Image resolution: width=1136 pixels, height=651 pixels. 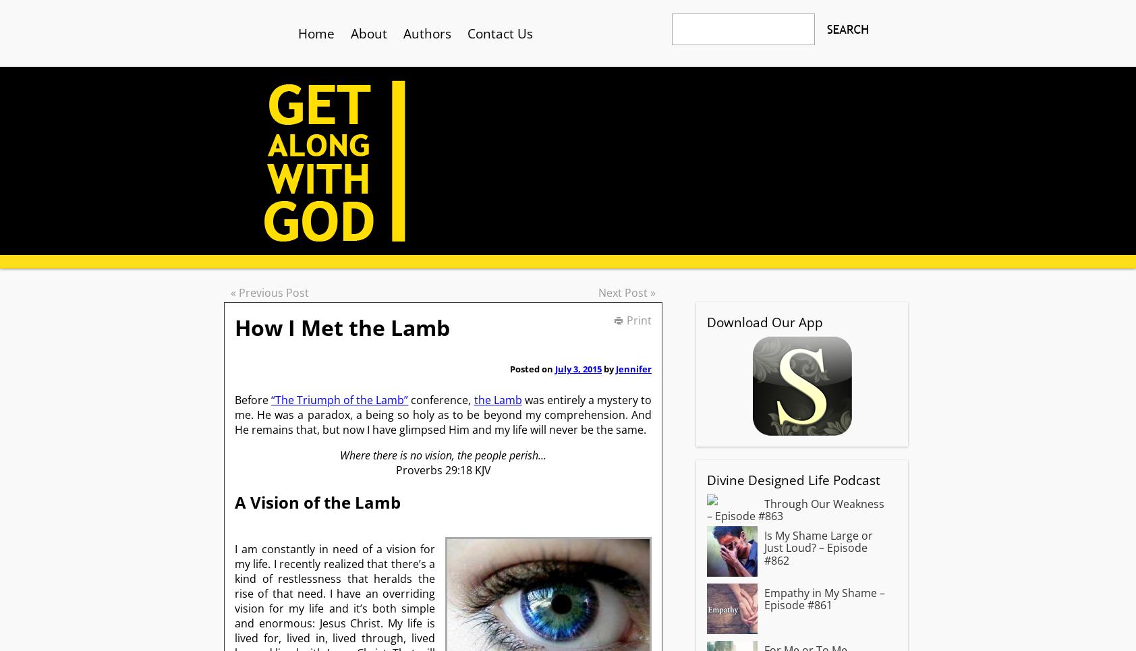 I want to click on 'Divine Designed Life Podcast', so click(x=793, y=480).